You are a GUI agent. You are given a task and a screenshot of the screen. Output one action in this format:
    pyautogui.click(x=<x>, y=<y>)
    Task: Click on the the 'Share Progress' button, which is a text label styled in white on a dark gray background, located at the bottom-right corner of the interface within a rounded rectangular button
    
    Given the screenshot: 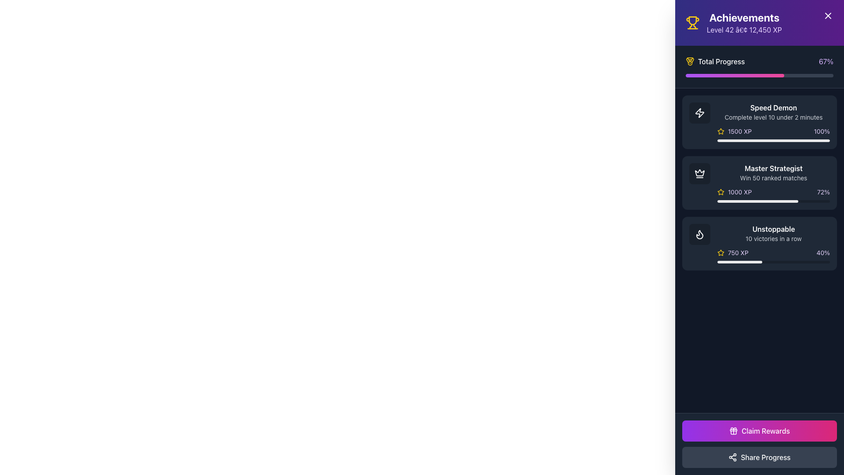 What is the action you would take?
    pyautogui.click(x=765, y=457)
    